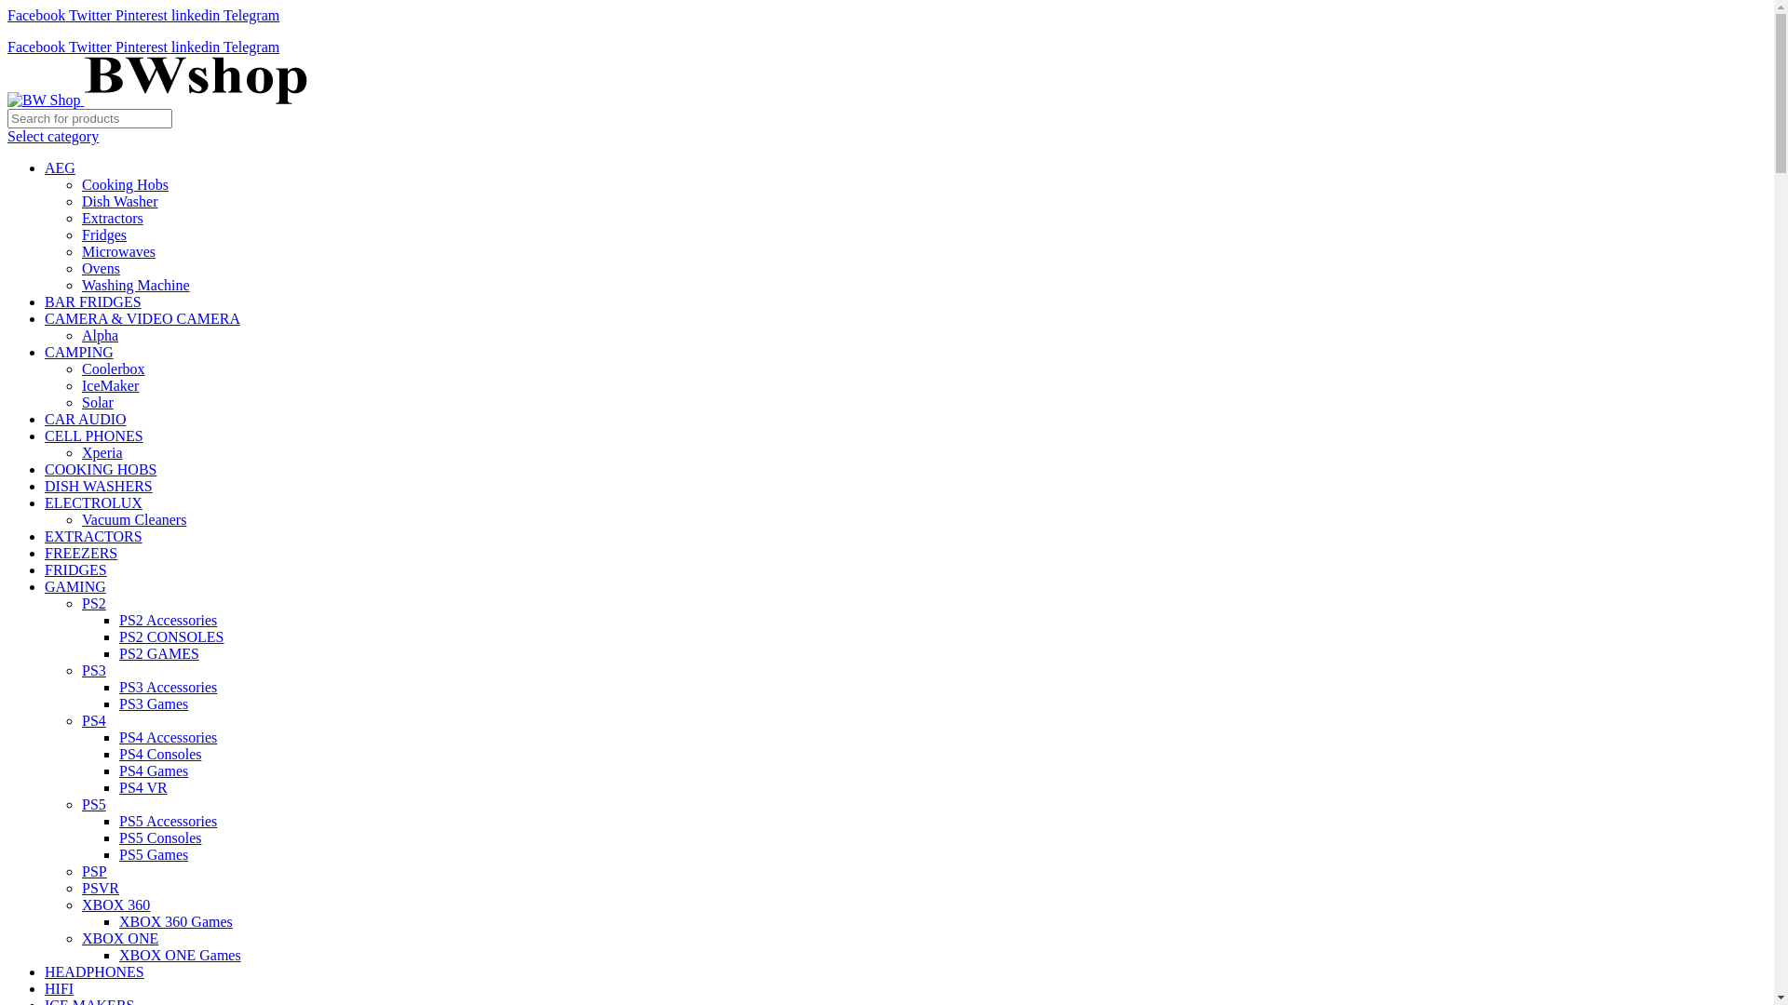  Describe the element at coordinates (153, 703) in the screenshot. I see `'PS3 Games'` at that location.